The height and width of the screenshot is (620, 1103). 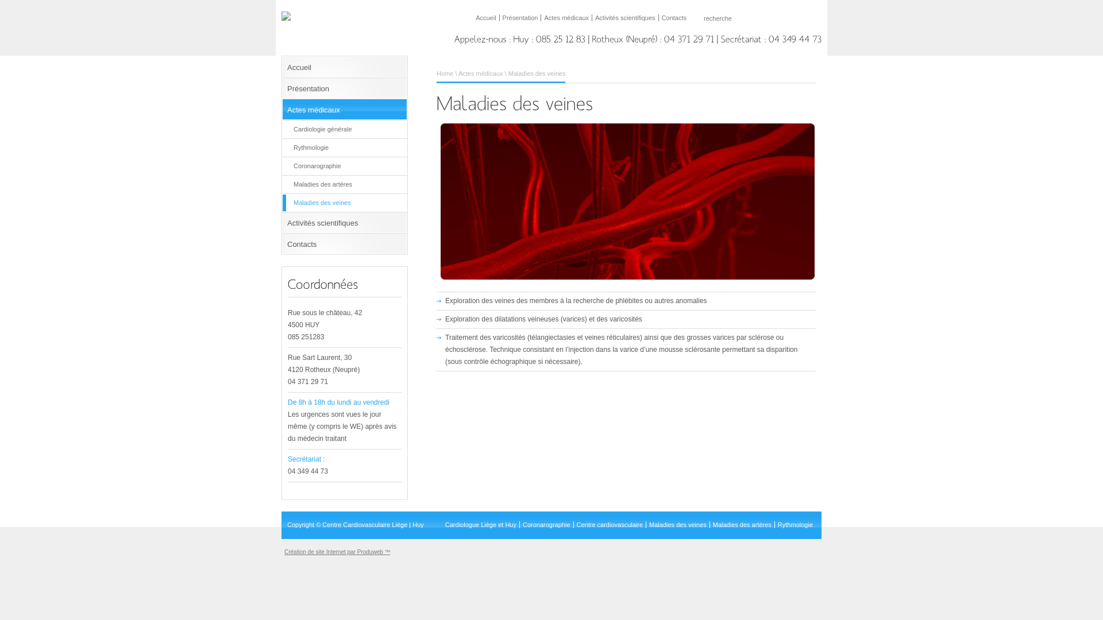 I want to click on 'Home', so click(x=444, y=73).